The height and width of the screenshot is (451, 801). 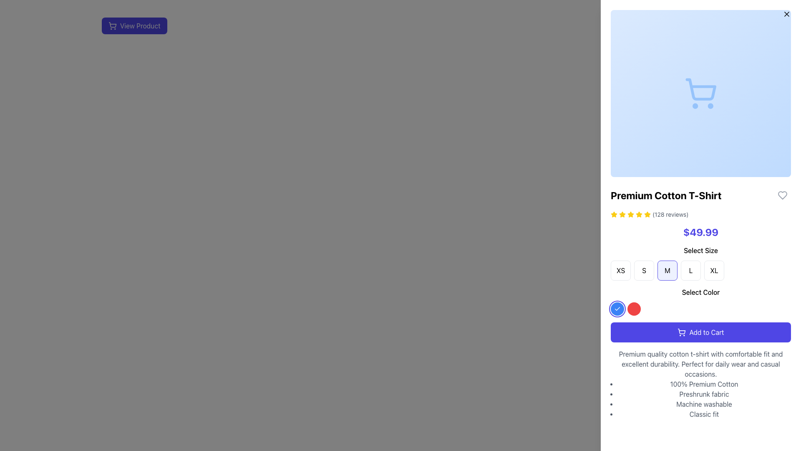 What do you see at coordinates (704, 394) in the screenshot?
I see `the Text label that describes the fabric as preshrunk, located beneath '100% Premium Cotton' in the product features list` at bounding box center [704, 394].